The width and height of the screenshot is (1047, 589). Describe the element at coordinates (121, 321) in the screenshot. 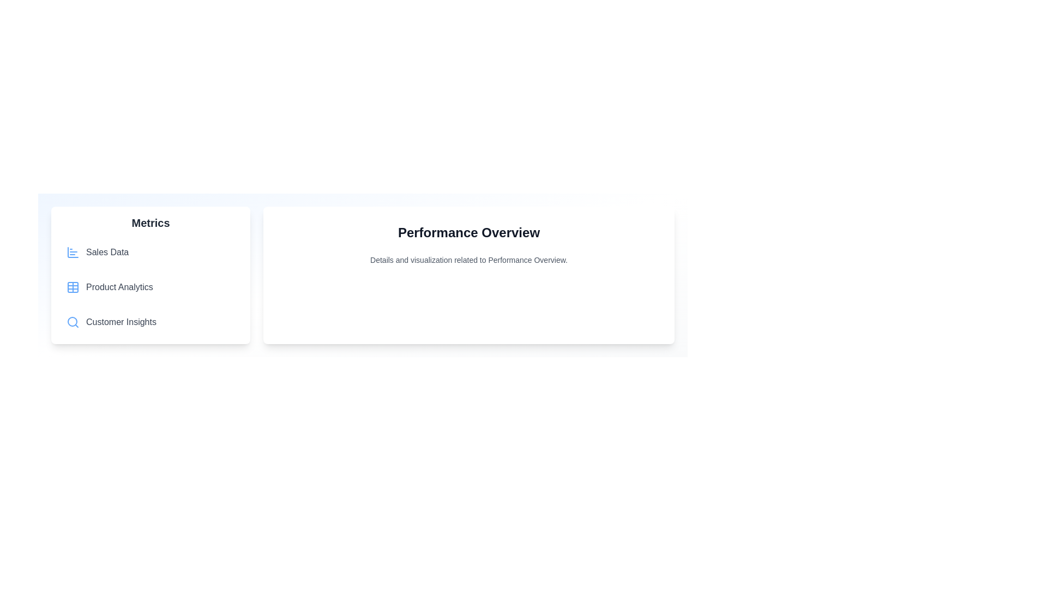

I see `the 'Customer Insights' label, which is a text component styled with a medium-weight font and gray color, positioned below the 'Metrics' section in a horizontal list` at that location.